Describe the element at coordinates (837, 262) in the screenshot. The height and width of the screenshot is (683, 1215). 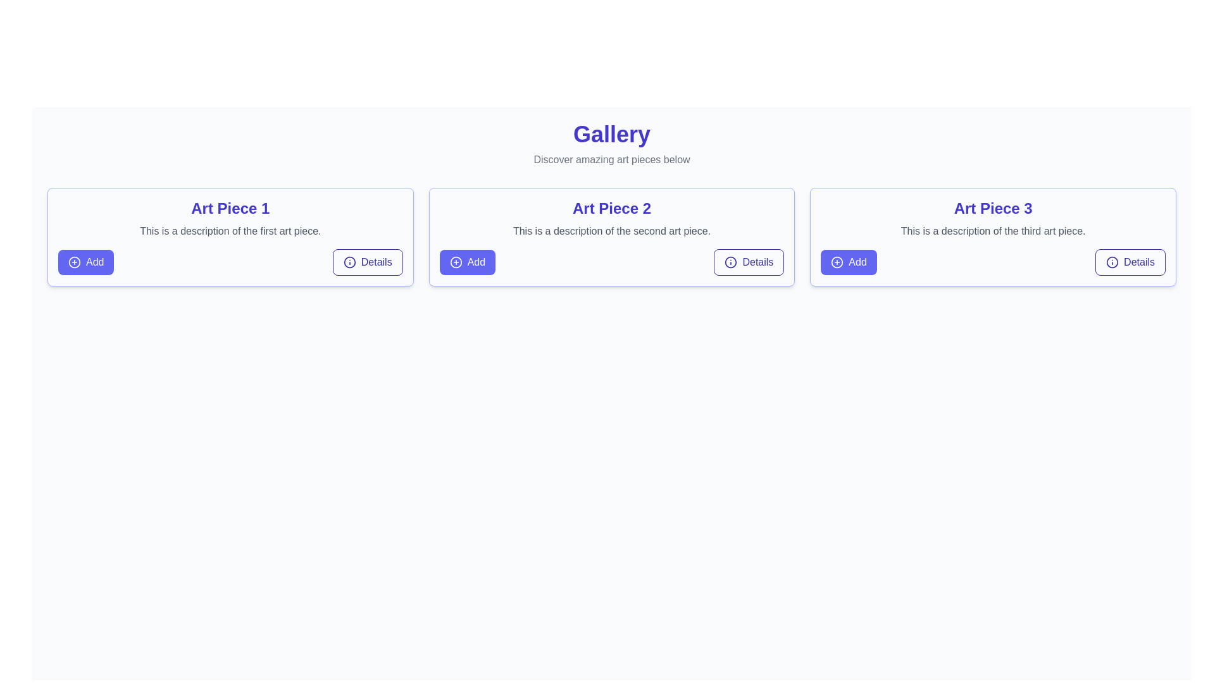
I see `the circular icon with a plus sign, styled with a purple stroke, located inside the 'Add' button to the left of the text 'Add' for the third art piece titled 'Art Piece 3'` at that location.